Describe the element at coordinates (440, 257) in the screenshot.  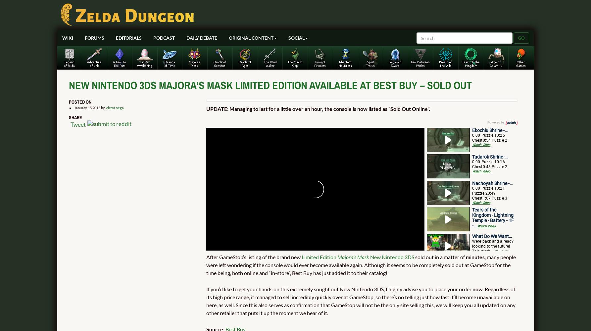
I see `'sold out in a matter of'` at that location.